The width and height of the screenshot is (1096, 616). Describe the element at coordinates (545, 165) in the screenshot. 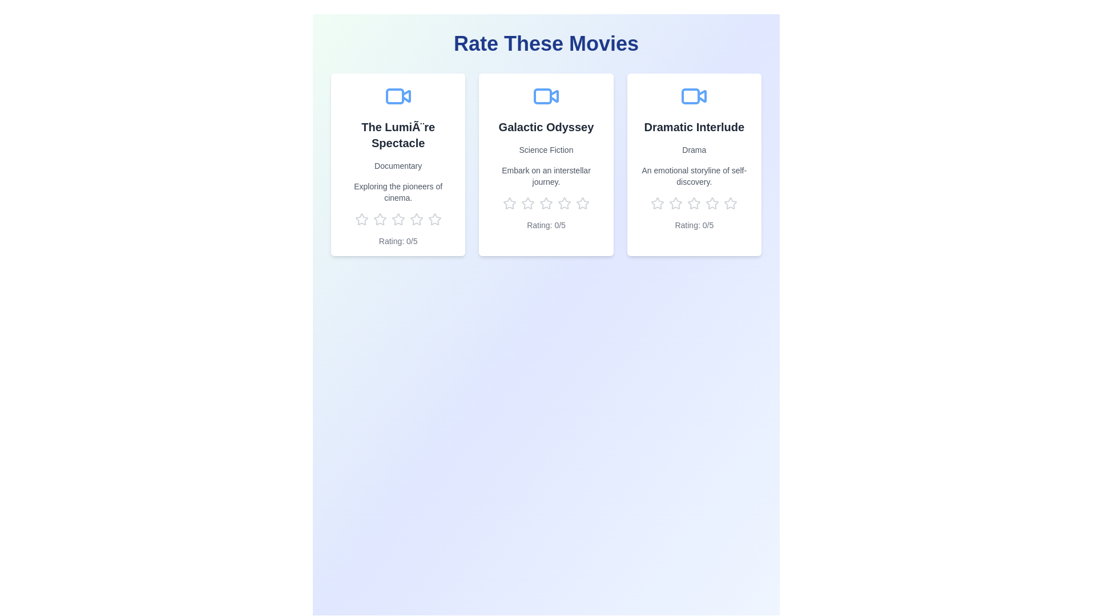

I see `the movie card for 'Galactic Odyssey'` at that location.